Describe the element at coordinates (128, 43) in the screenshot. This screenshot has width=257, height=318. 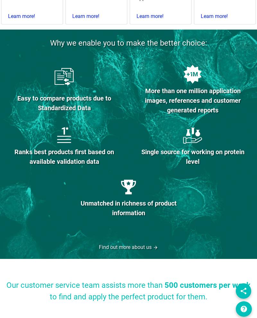
I see `'Why we enable you to make the better choice:'` at that location.